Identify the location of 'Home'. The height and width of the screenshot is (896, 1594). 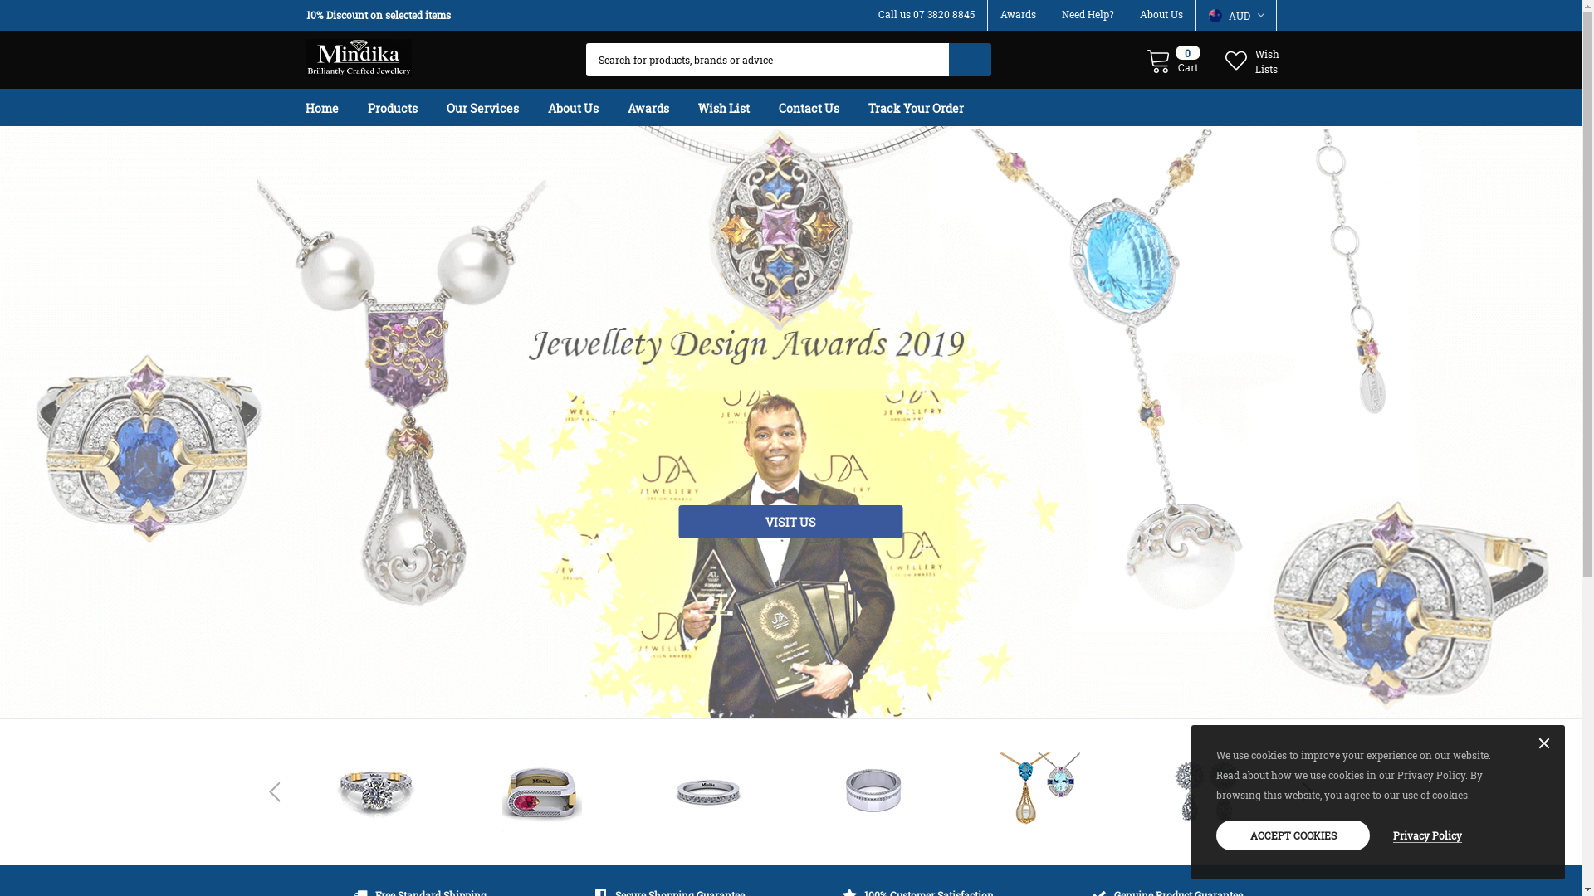
(334, 107).